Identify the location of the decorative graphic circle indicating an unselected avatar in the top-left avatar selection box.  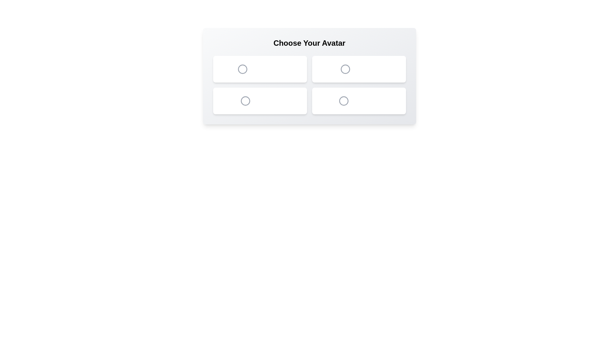
(242, 69).